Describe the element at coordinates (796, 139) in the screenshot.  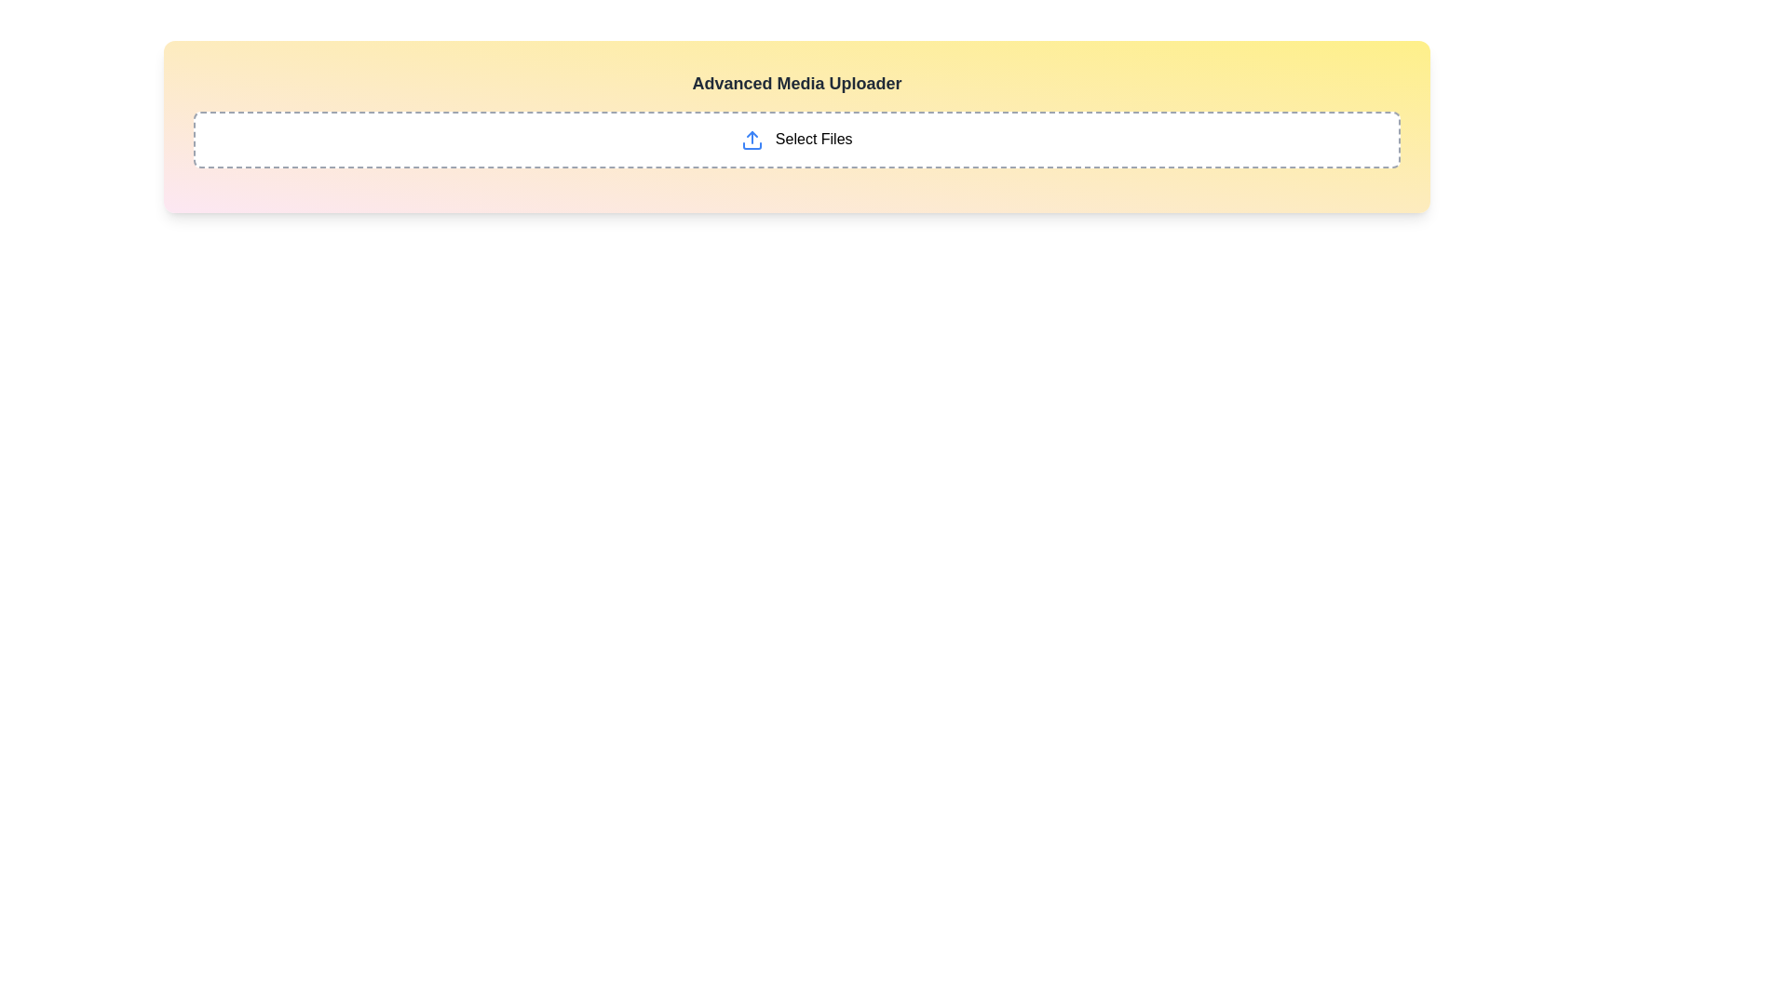
I see `and drop files into the file selection area, which is a white rectangular area with dashed gray borders and a blue upload icon followed by the label 'Select Files'` at that location.